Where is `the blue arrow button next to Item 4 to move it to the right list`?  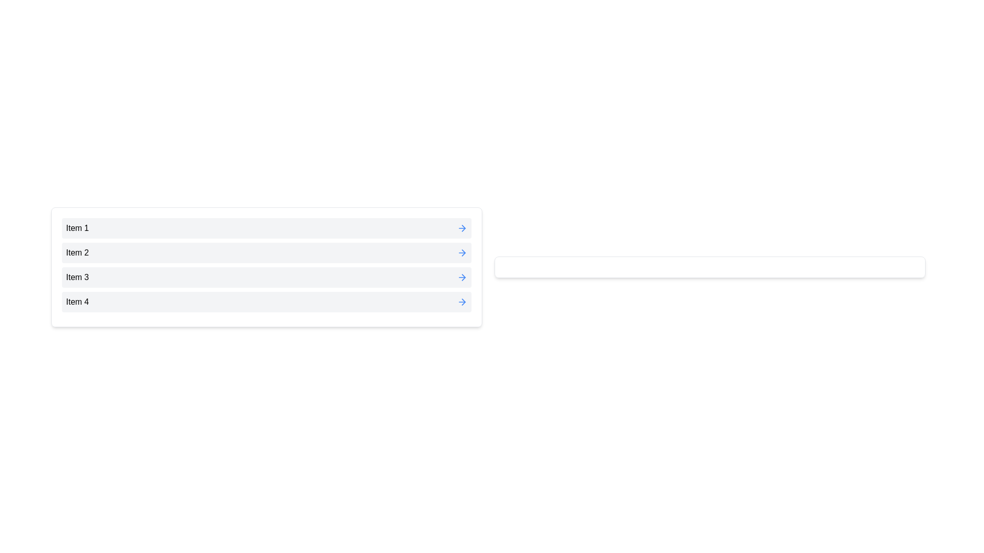
the blue arrow button next to Item 4 to move it to the right list is located at coordinates (462, 302).